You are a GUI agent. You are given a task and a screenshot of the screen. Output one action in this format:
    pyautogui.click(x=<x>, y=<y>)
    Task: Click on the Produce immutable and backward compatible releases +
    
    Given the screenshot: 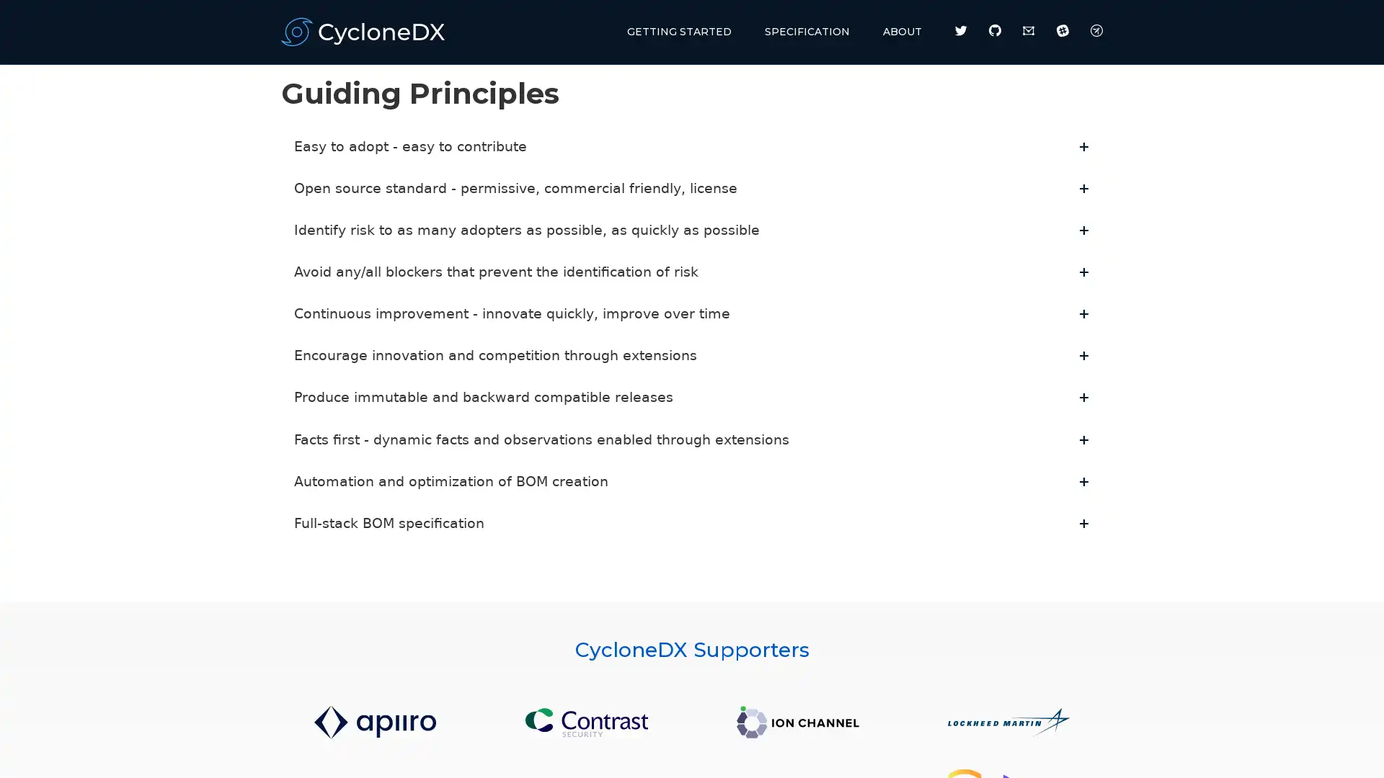 What is the action you would take?
    pyautogui.click(x=692, y=397)
    